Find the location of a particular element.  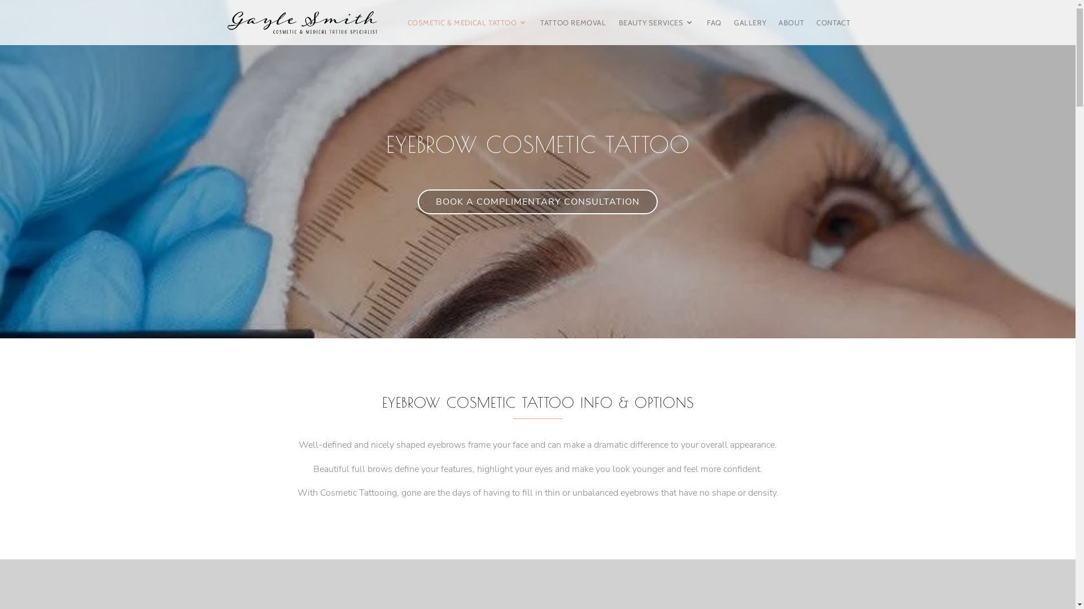

'COSMETIC & MEDICAL TATTOO' is located at coordinates (468, 22).